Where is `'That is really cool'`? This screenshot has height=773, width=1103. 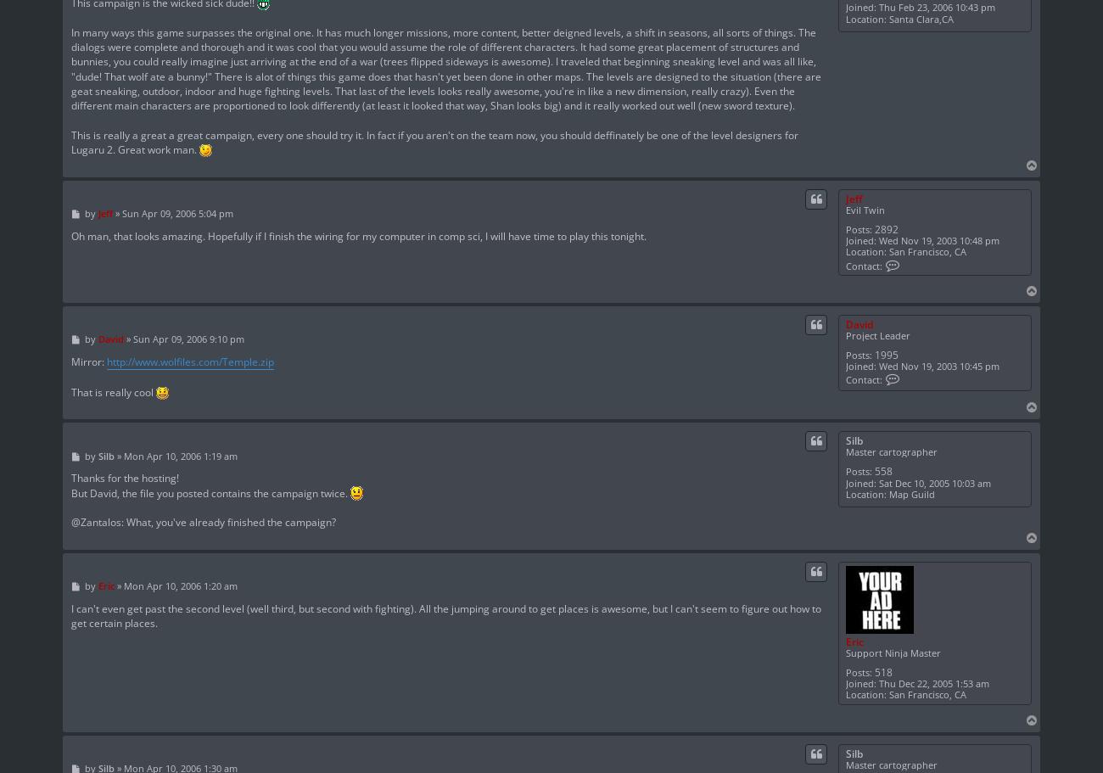 'That is really cool' is located at coordinates (113, 390).